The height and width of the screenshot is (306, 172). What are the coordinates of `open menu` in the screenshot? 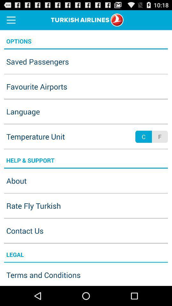 It's located at (11, 20).